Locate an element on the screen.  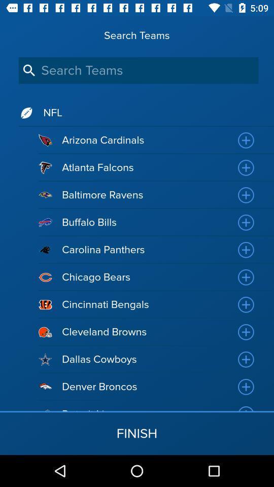
search is located at coordinates (138, 70).